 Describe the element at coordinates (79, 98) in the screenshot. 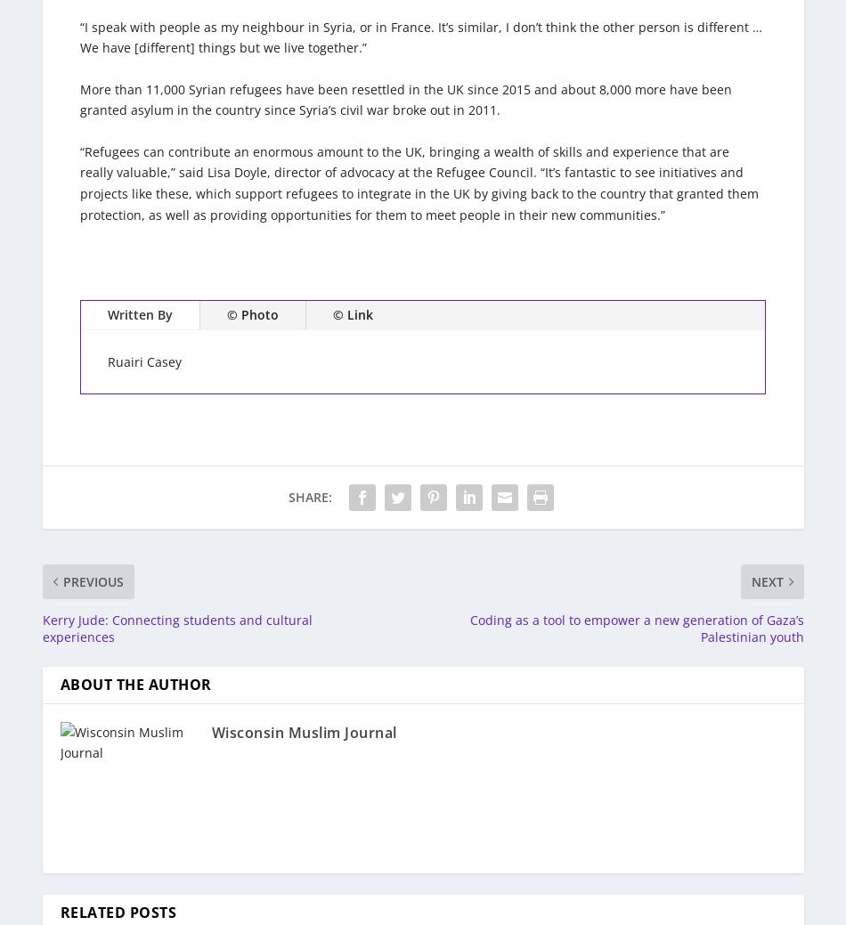

I see `'More than 11,000 Syrian refugees have been resettled in the UK since 2015 and about 8,000 more have been granted asylum in the country since Syria’s civil war broke out in 2011.'` at that location.